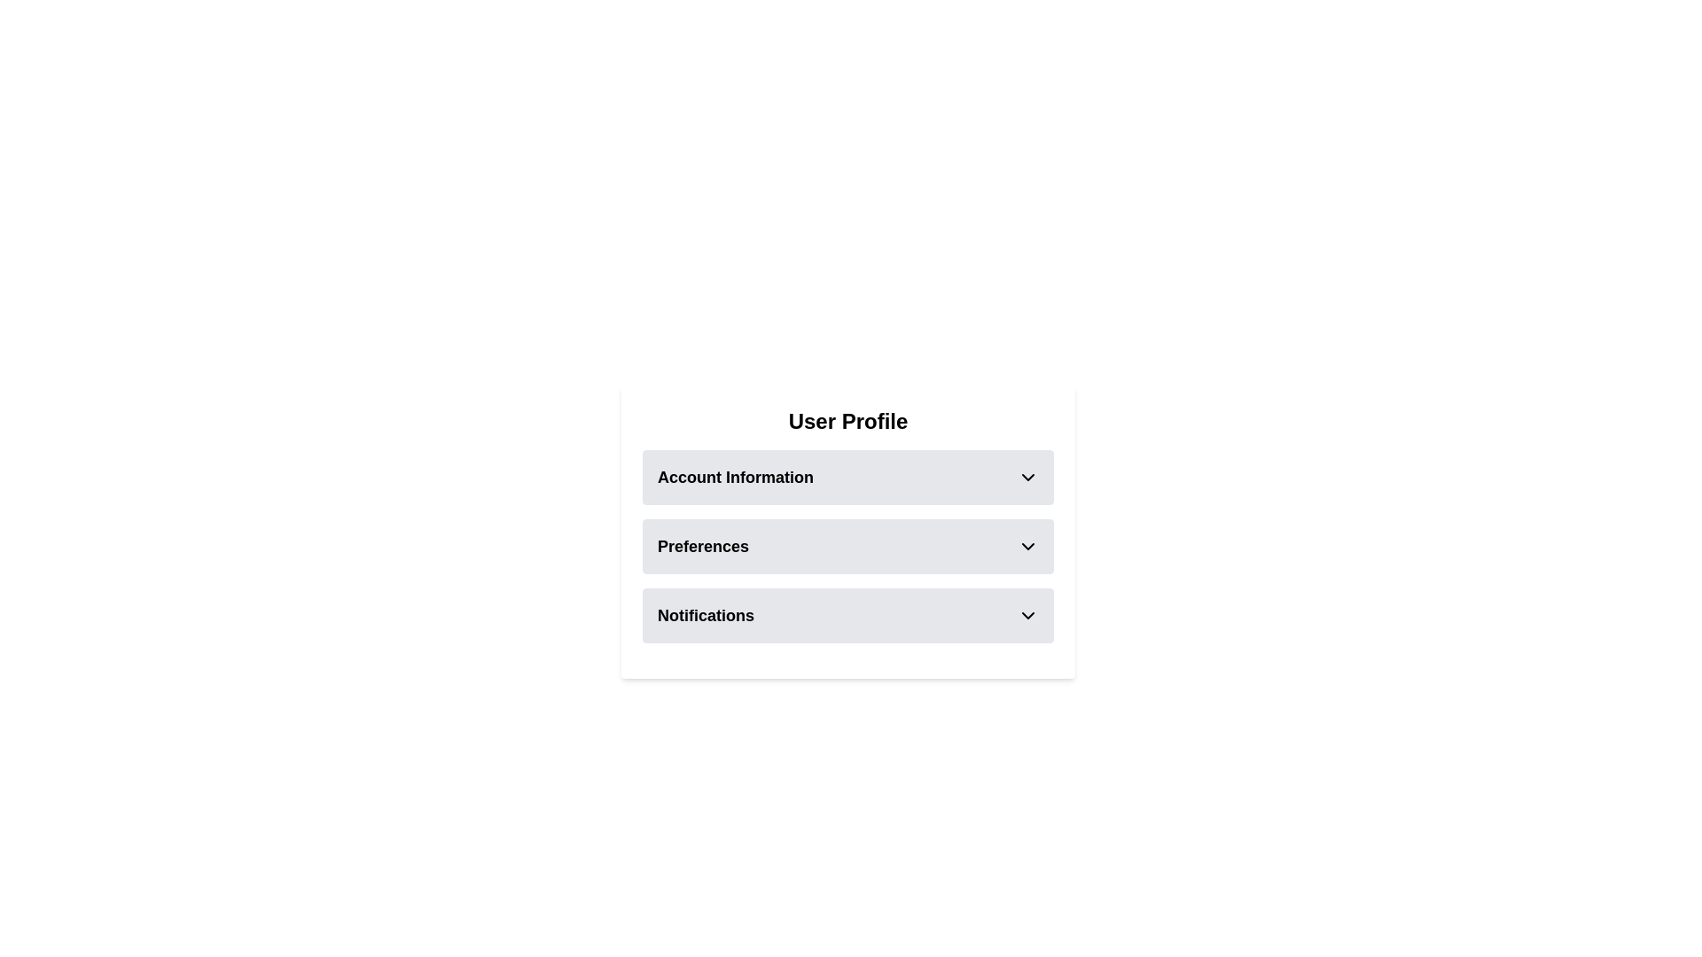 The image size is (1702, 957). What do you see at coordinates (705, 614) in the screenshot?
I see `the 'Notifications' text label which serves as a header for expanding or collapsing related content` at bounding box center [705, 614].